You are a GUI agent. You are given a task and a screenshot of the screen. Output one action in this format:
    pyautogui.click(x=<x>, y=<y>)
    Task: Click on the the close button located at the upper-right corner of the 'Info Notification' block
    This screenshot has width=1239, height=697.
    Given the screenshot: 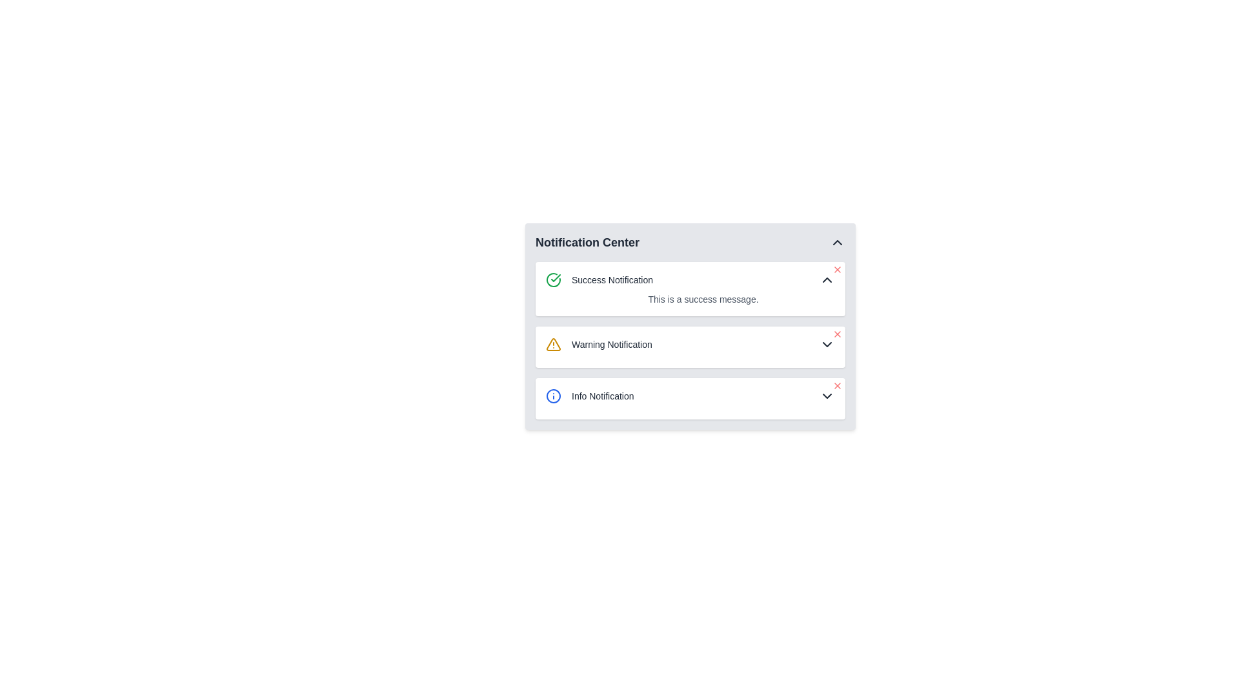 What is the action you would take?
    pyautogui.click(x=837, y=385)
    